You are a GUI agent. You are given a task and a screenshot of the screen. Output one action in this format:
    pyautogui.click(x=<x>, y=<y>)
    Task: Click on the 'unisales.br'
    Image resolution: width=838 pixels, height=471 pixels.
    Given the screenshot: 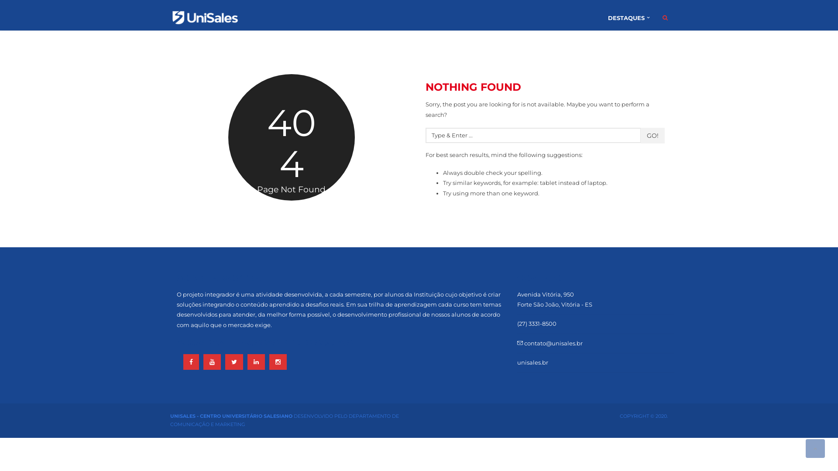 What is the action you would take?
    pyautogui.click(x=532, y=362)
    